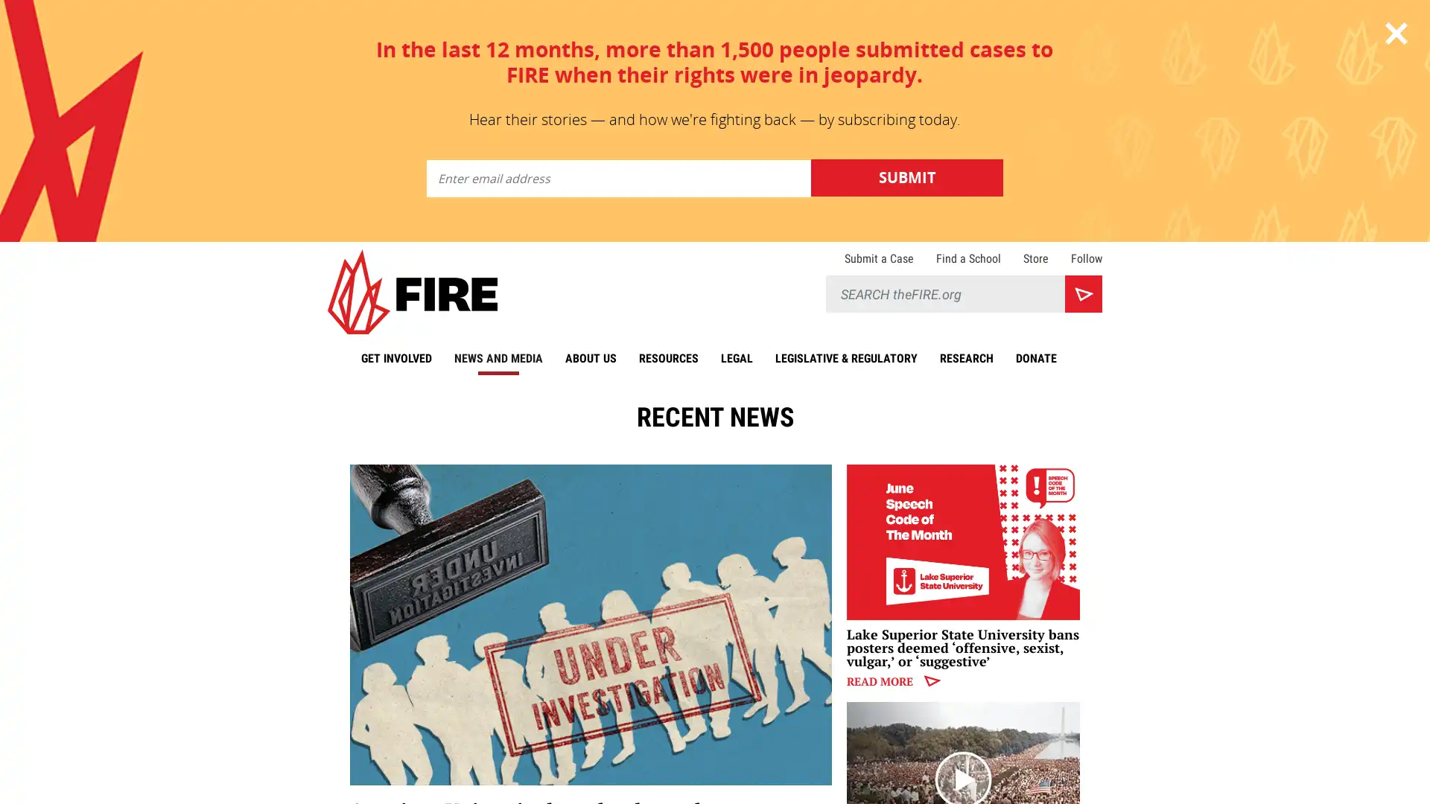 This screenshot has width=1430, height=804. What do you see at coordinates (906, 177) in the screenshot?
I see `Submit` at bounding box center [906, 177].